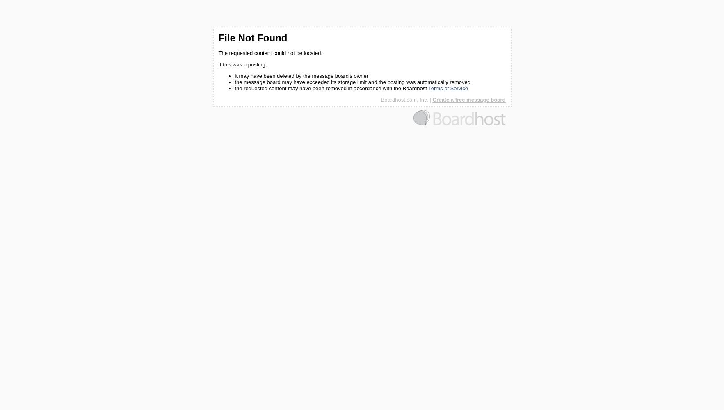  Describe the element at coordinates (242, 64) in the screenshot. I see `'If this was a posting,'` at that location.